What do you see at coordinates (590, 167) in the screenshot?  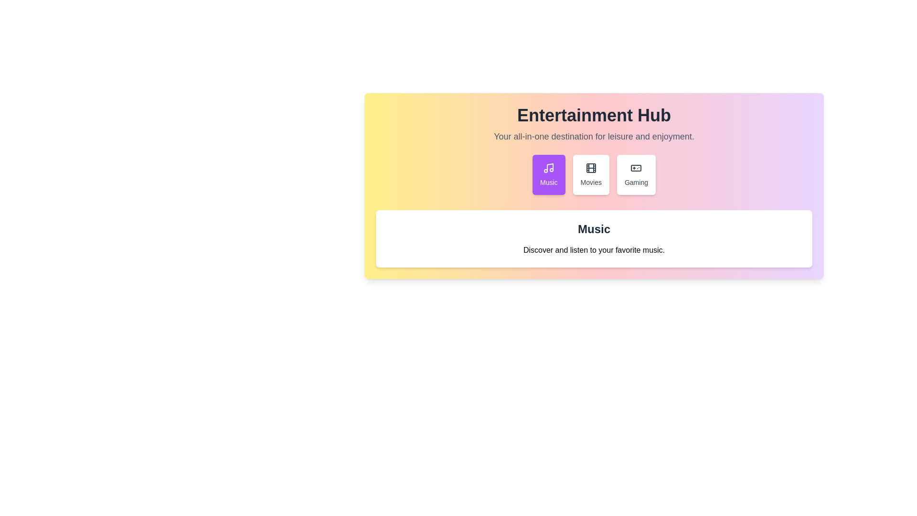 I see `the film icon element located at the top of the 'Movies' card` at bounding box center [590, 167].